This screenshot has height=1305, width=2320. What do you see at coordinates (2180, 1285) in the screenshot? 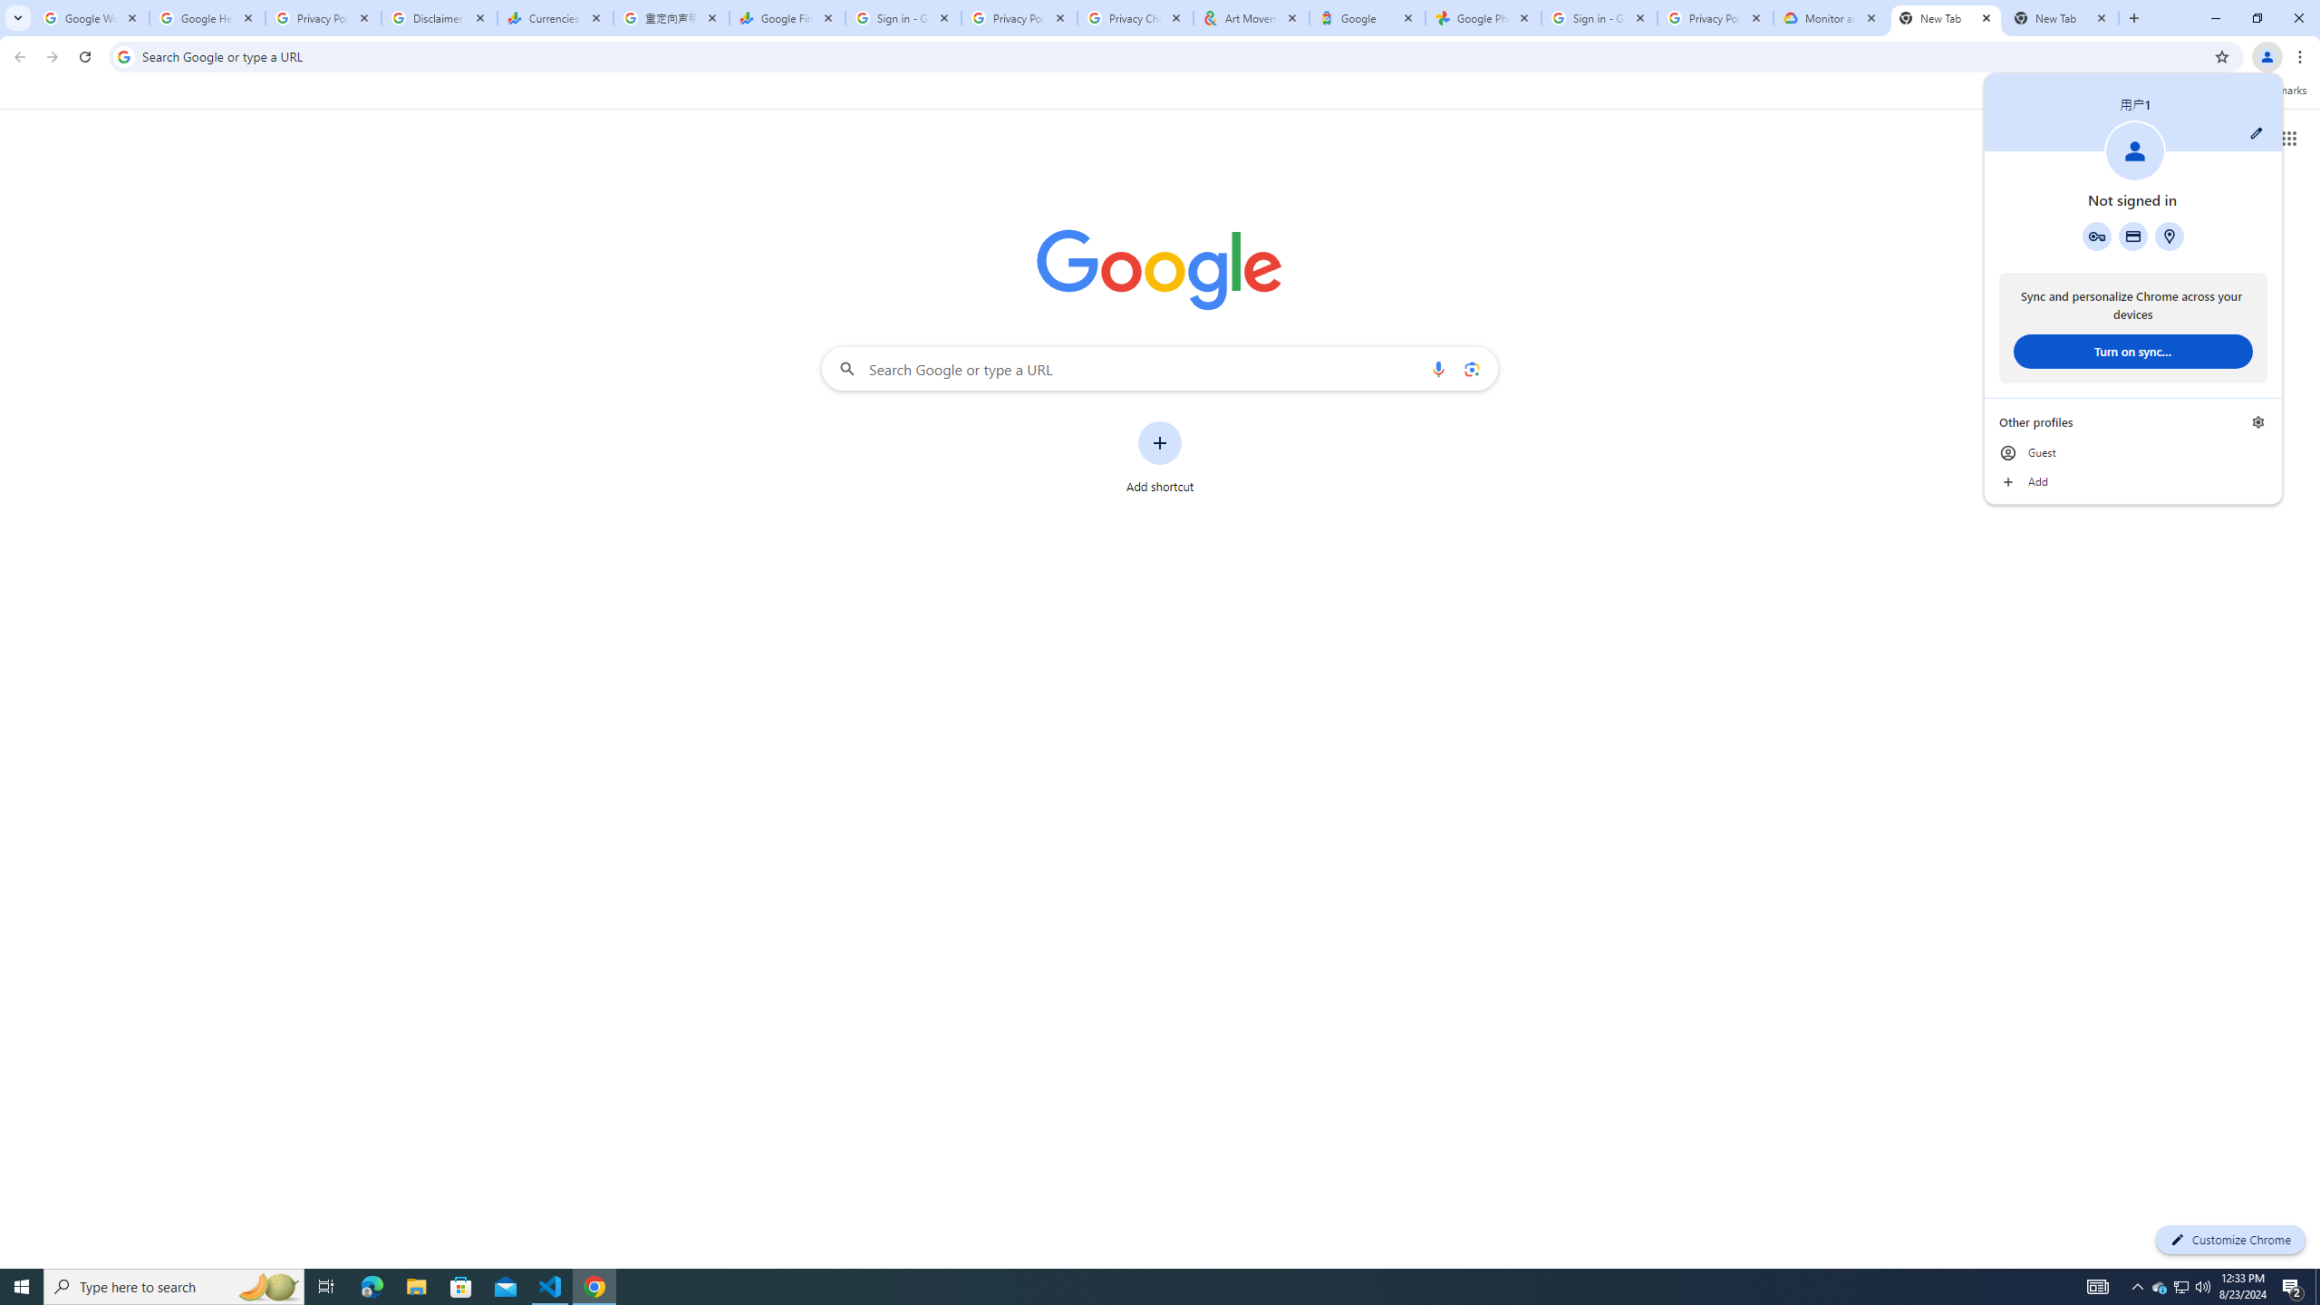
I see `'User Promoted Notification Area'` at bounding box center [2180, 1285].